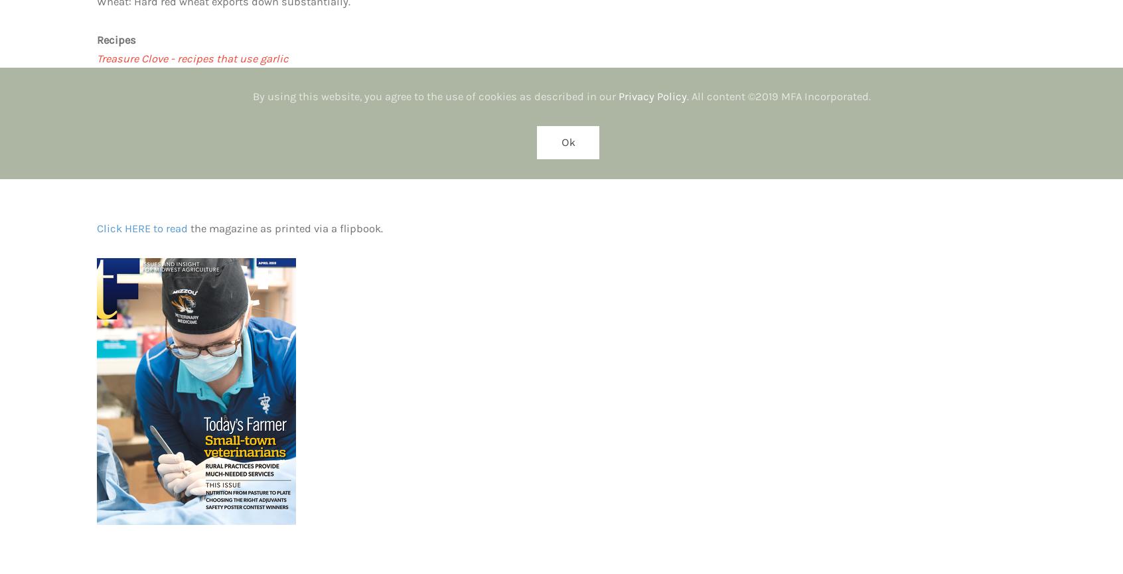  What do you see at coordinates (96, 96) in the screenshot?
I see `'Click to go to Food Page'` at bounding box center [96, 96].